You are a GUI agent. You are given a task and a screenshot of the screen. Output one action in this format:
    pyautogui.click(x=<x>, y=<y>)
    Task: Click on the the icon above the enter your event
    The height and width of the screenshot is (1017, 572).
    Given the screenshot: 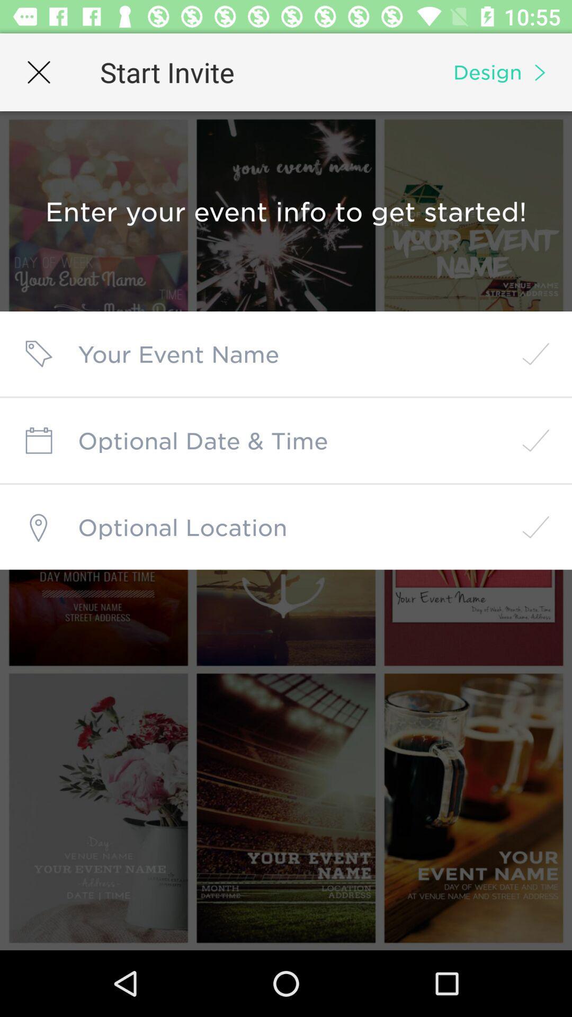 What is the action you would take?
    pyautogui.click(x=38, y=72)
    